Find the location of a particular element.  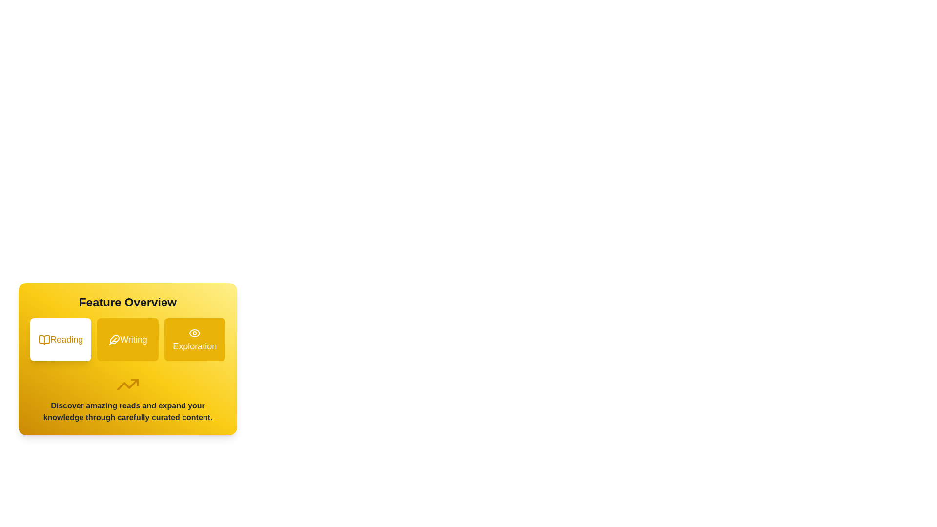

the 'Writing' button, which is the second button in a group of three, located centrally between the 'Reading' button and the 'Exploration' button is located at coordinates (127, 339).